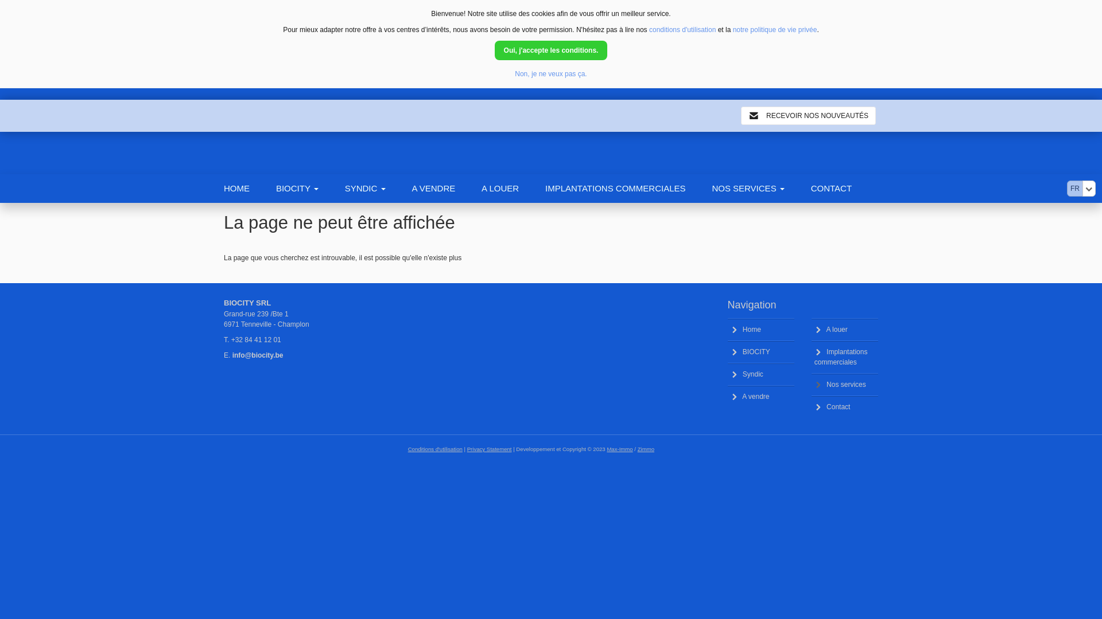 The width and height of the screenshot is (1102, 619). What do you see at coordinates (637, 448) in the screenshot?
I see `'Zimmo'` at bounding box center [637, 448].